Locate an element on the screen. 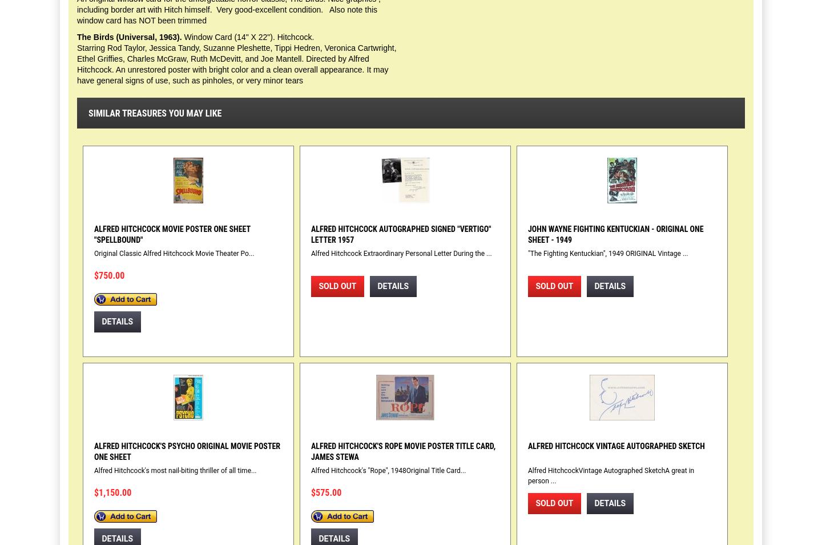 The image size is (822, 545). 'Alfred HitchcockVintage Autographed SketchA great in person ...' is located at coordinates (528, 476).